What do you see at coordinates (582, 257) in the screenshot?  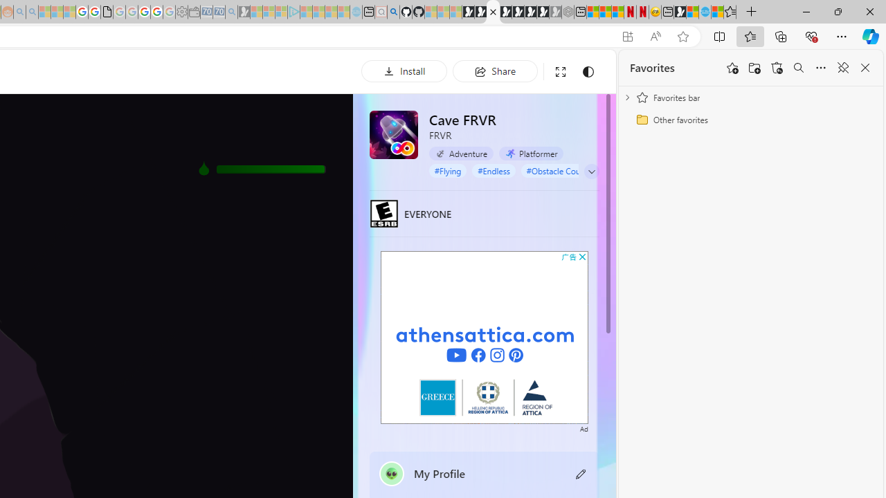 I see `'AutomationID: cbb'` at bounding box center [582, 257].